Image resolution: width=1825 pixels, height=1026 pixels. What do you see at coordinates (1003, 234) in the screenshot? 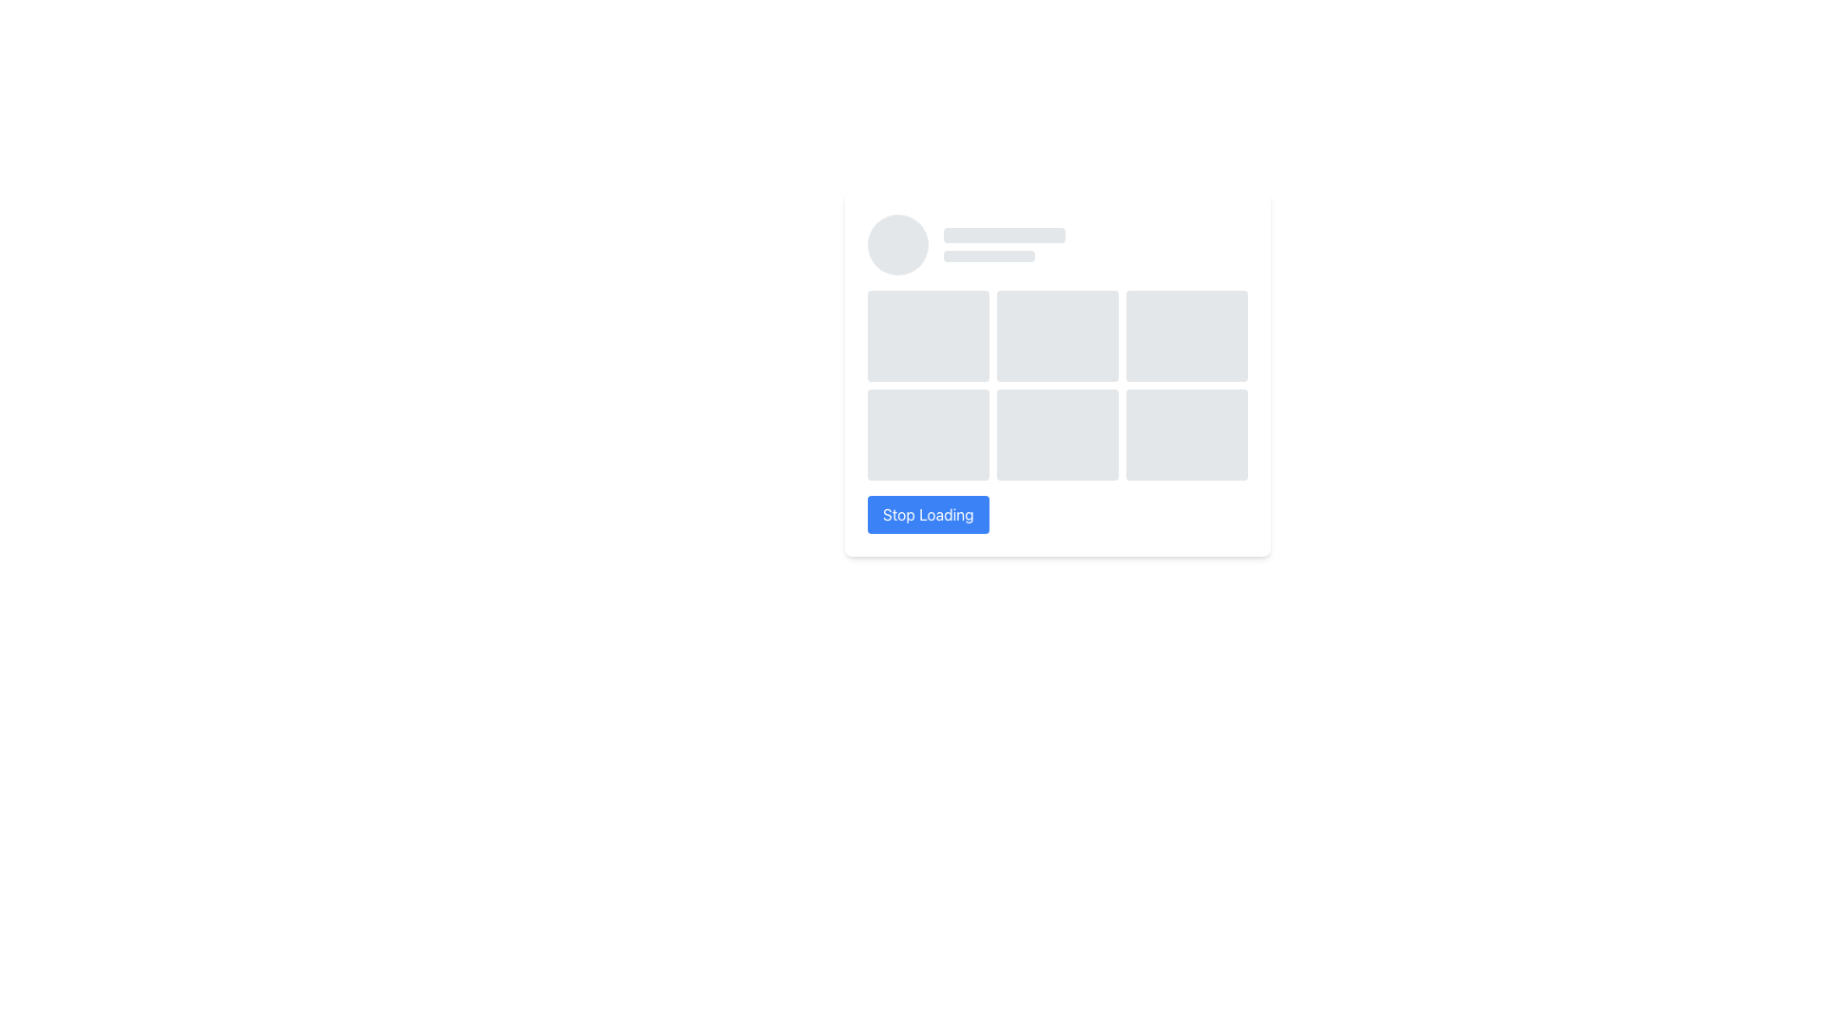
I see `the Placeholder or Loading Indicator, which is a rectangular component with a light gray background and rounded corners, positioned at the top of two similar rectangles` at bounding box center [1003, 234].